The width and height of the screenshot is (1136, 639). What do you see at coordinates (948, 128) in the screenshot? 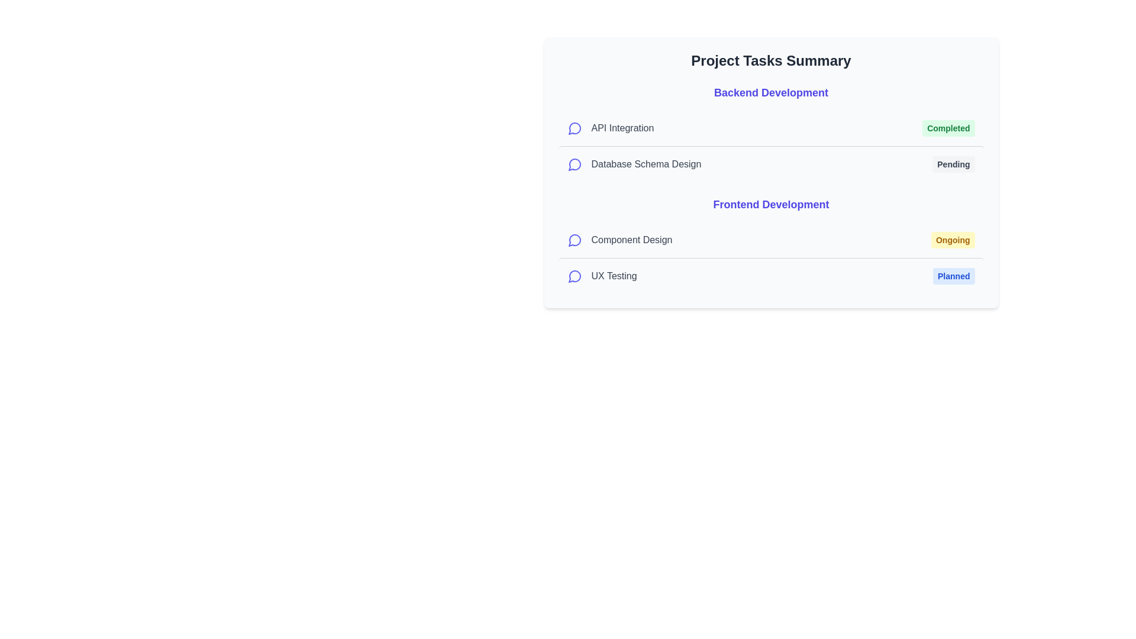
I see `the 'Completed' tag in the top-right corner of the 'API Integration' content block, which has a green background and green text color` at bounding box center [948, 128].